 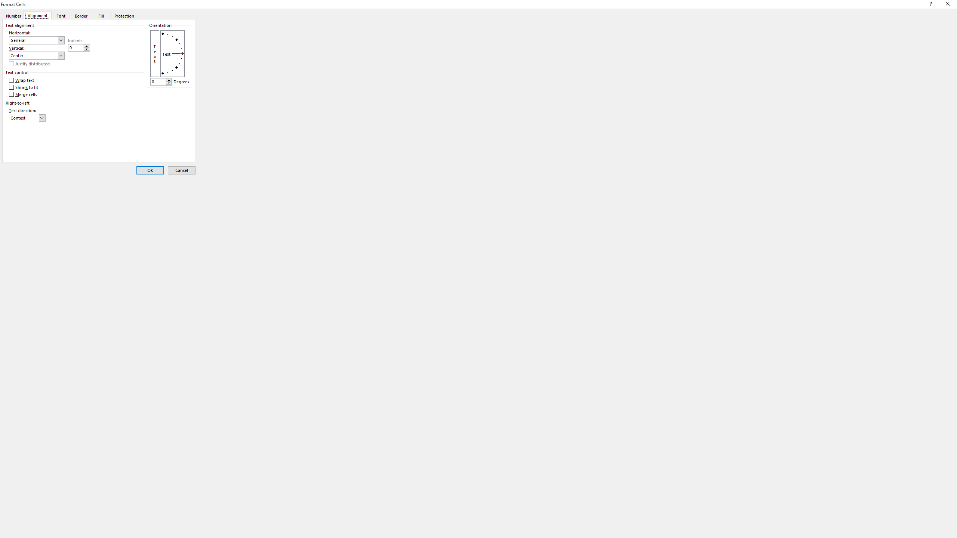 What do you see at coordinates (21, 80) in the screenshot?
I see `'Wrap text'` at bounding box center [21, 80].